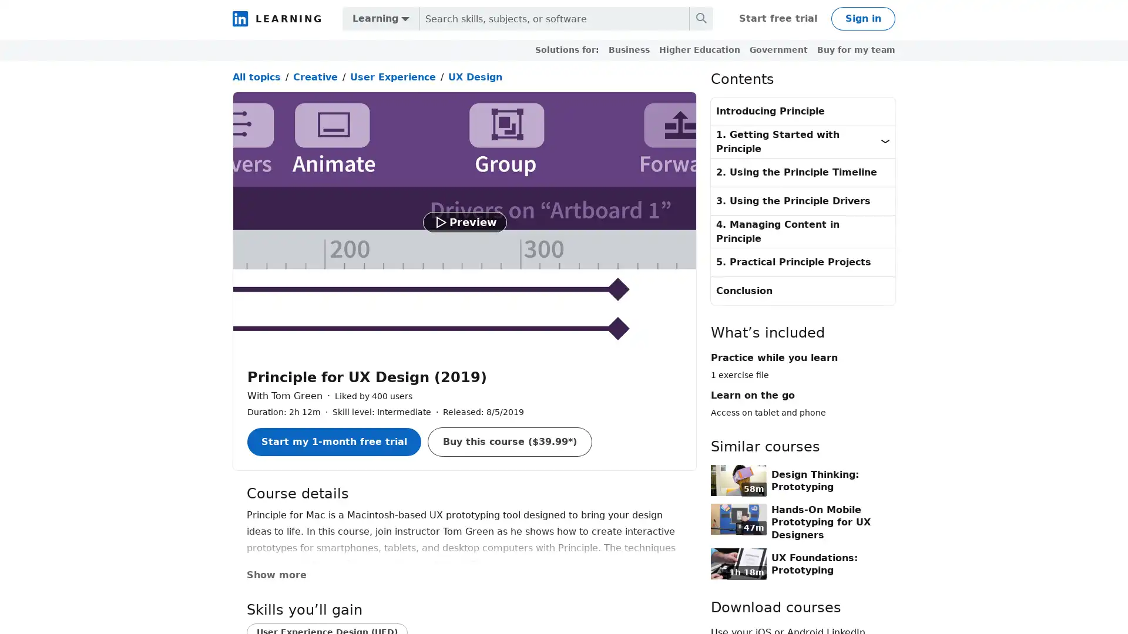 The image size is (1128, 634). Describe the element at coordinates (381, 18) in the screenshot. I see `Learning` at that location.